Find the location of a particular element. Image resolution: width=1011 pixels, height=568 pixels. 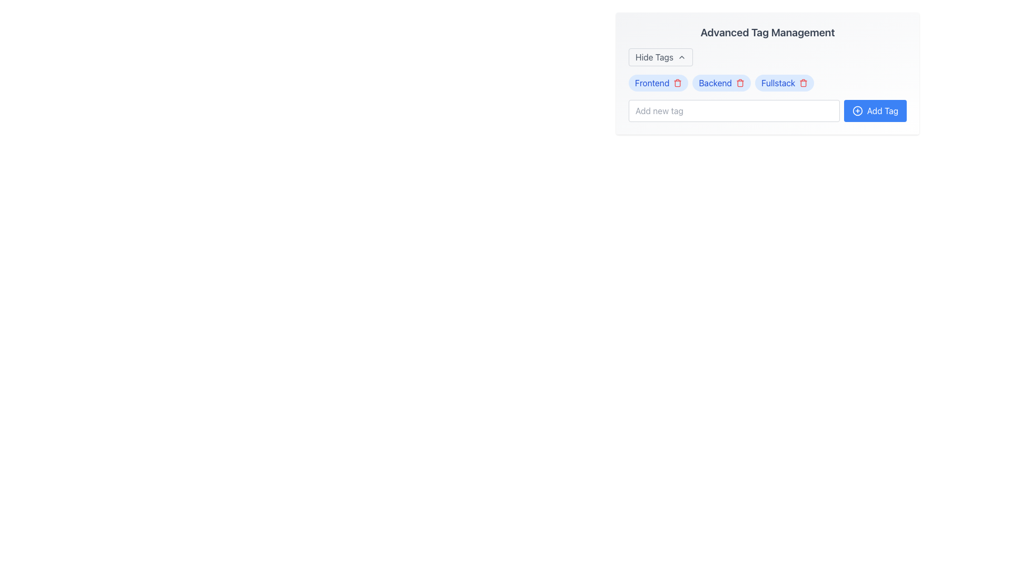

the 'Add Tag' button, which displays the phrase 'Add Tag' in white font within a blue rounded rectangle, located at the bottom-right of the 'Advanced Tag Management' panel is located at coordinates (883, 111).